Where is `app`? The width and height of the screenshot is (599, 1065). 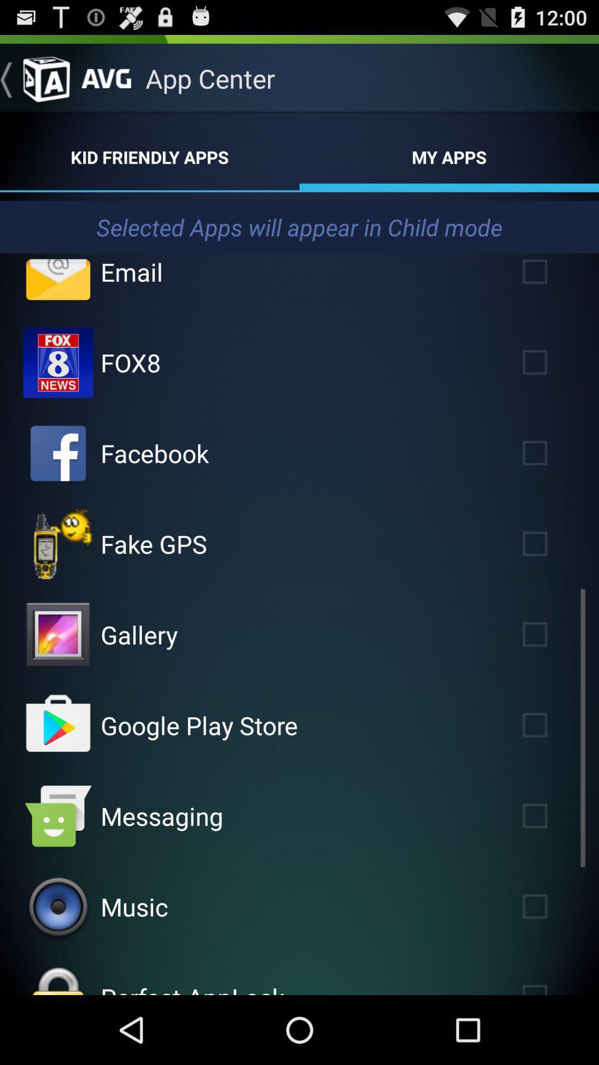 app is located at coordinates (551, 725).